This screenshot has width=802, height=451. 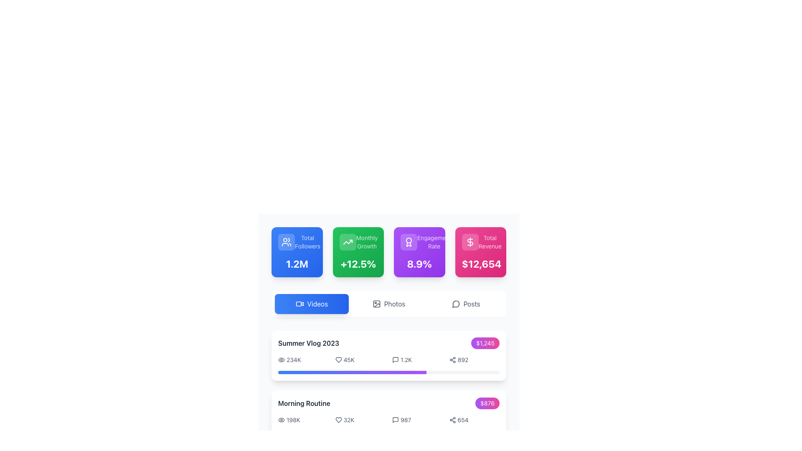 What do you see at coordinates (348, 242) in the screenshot?
I see `the growth icon located on the left side of the 'Monthly Growth' card, which is the second card in a horizontal row of four statistic cards` at bounding box center [348, 242].